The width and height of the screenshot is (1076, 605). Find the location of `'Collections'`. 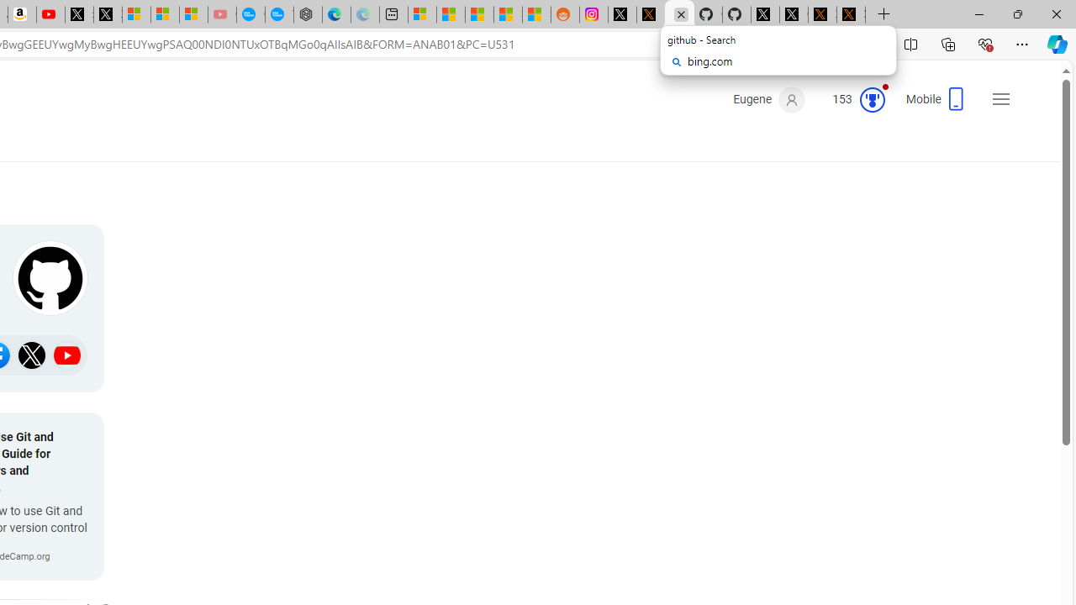

'Collections' is located at coordinates (948, 43).